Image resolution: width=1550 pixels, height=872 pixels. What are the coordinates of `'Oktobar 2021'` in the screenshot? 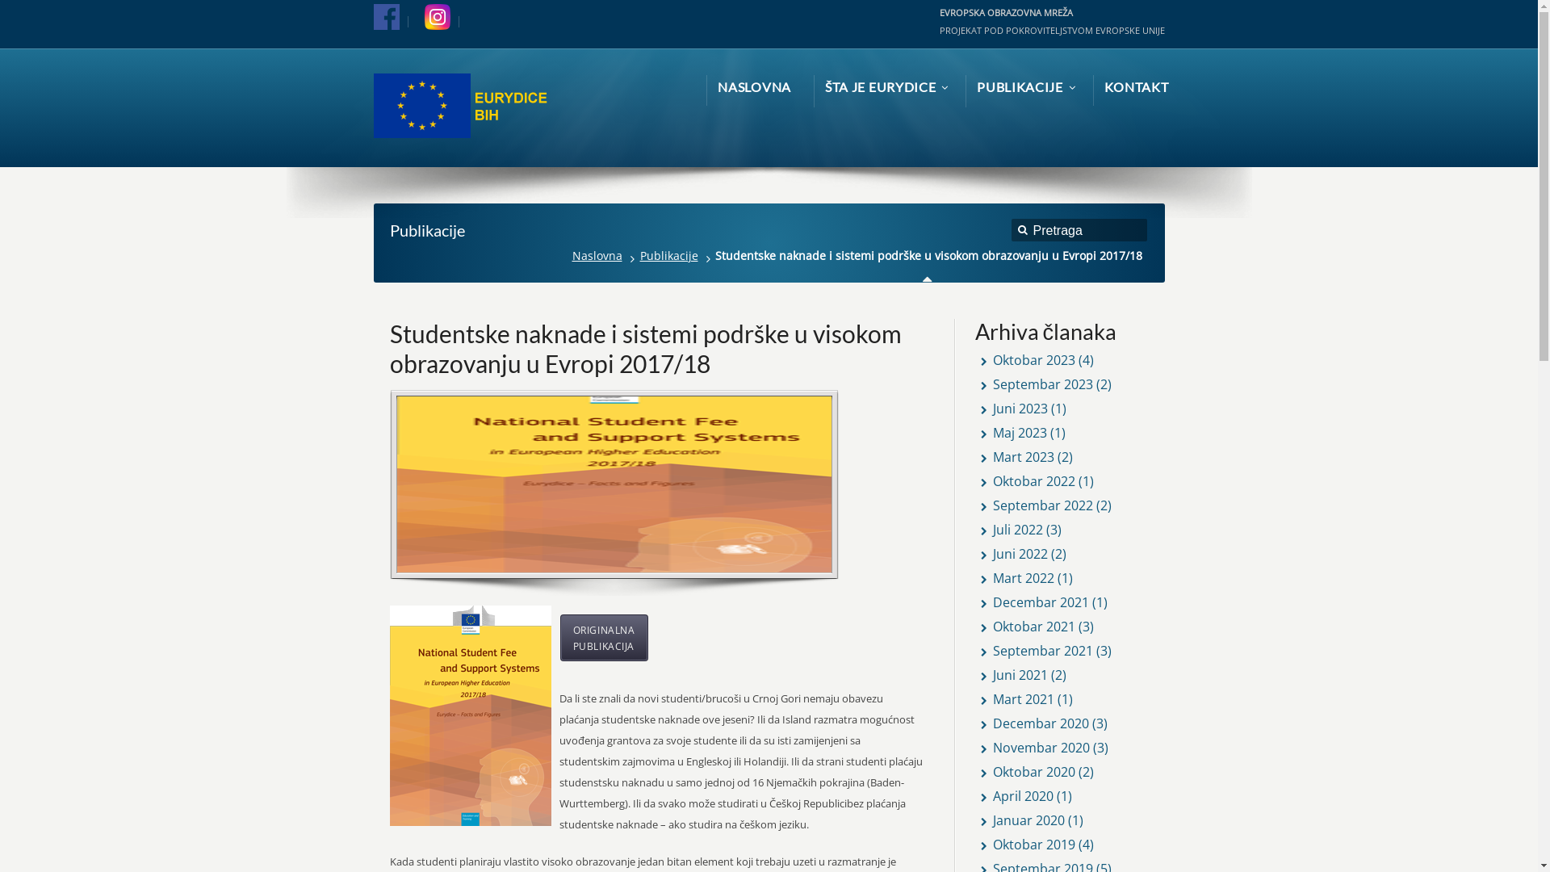 It's located at (1034, 625).